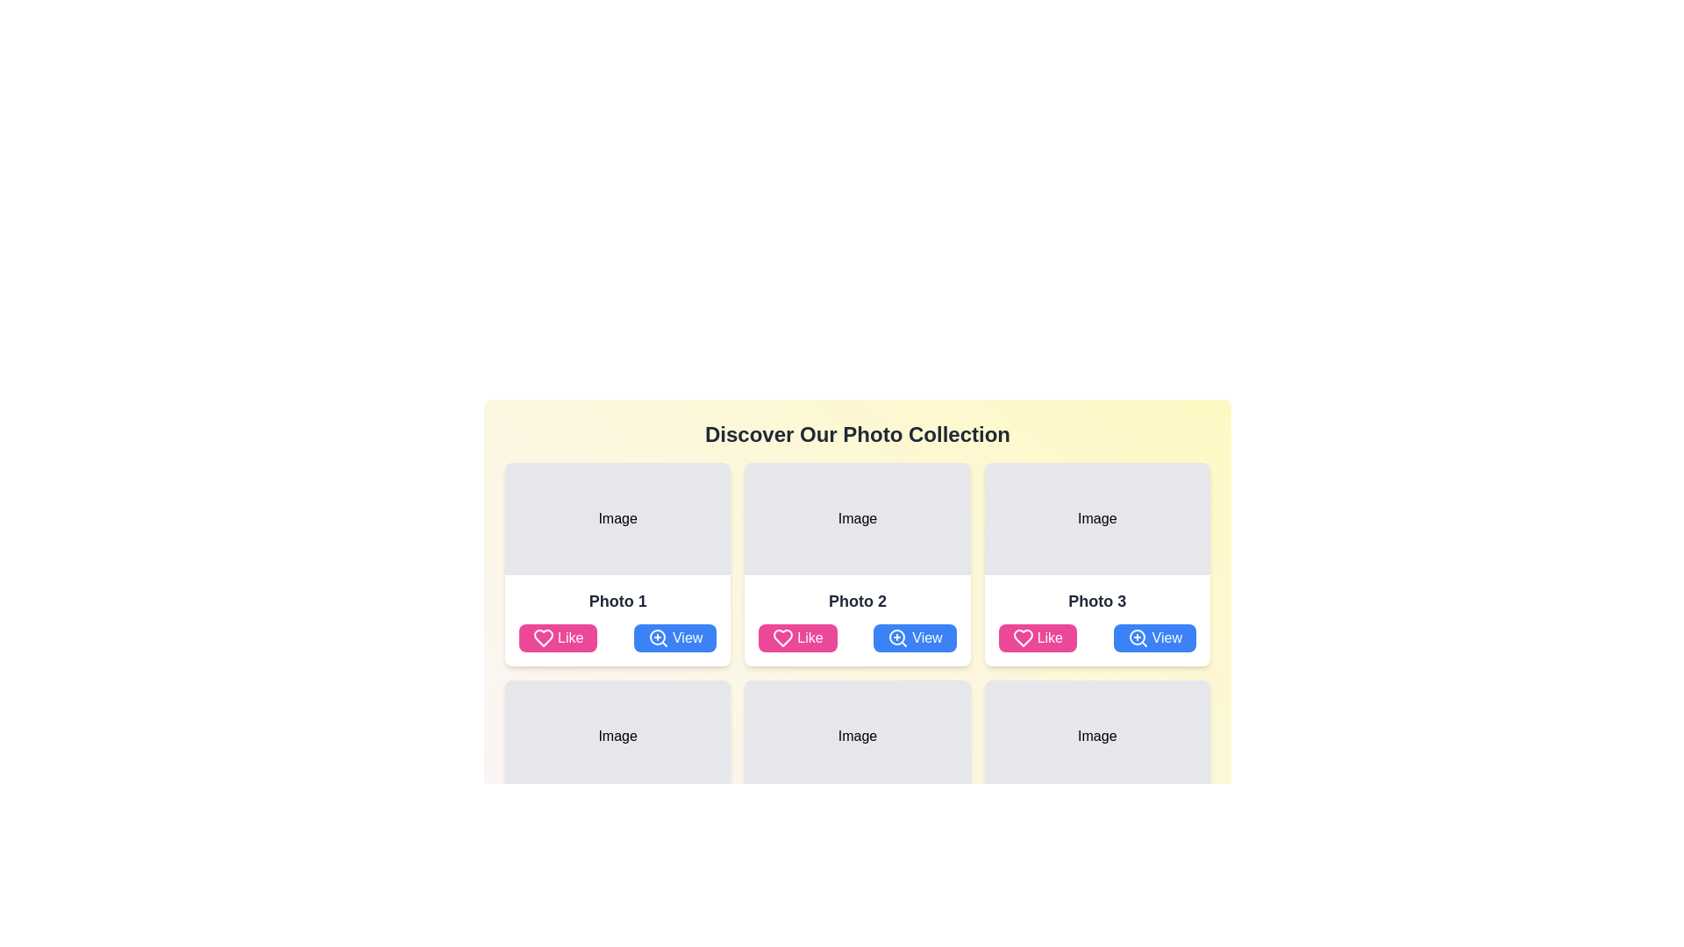  What do you see at coordinates (617, 517) in the screenshot?
I see `the Image Placeholder, which is a rectangular area with a light gray background and a centered text label that says 'Image'` at bounding box center [617, 517].